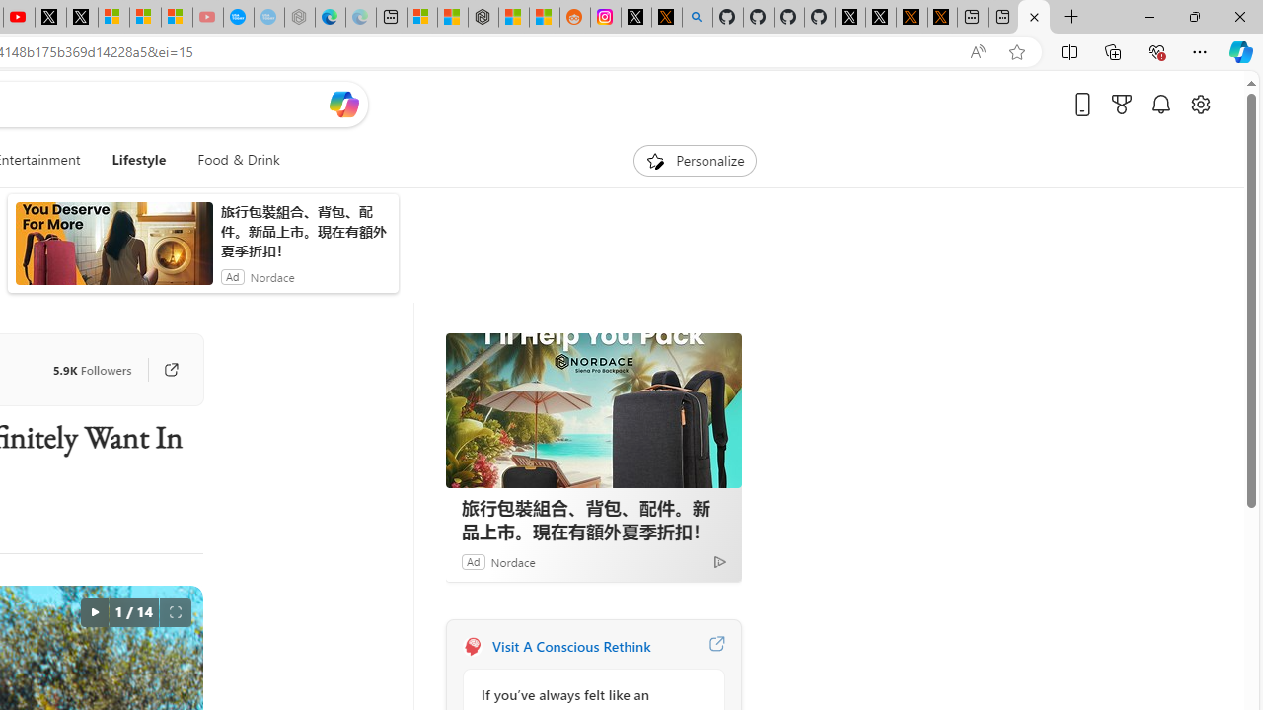  Describe the element at coordinates (911, 17) in the screenshot. I see `'X Privacy Policy'` at that location.